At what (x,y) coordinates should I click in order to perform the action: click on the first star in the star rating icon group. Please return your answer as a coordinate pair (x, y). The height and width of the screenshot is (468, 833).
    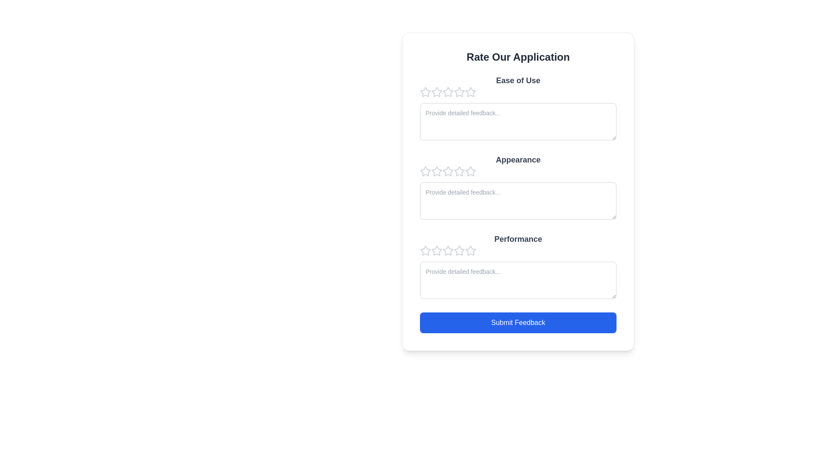
    Looking at the image, I should click on (425, 172).